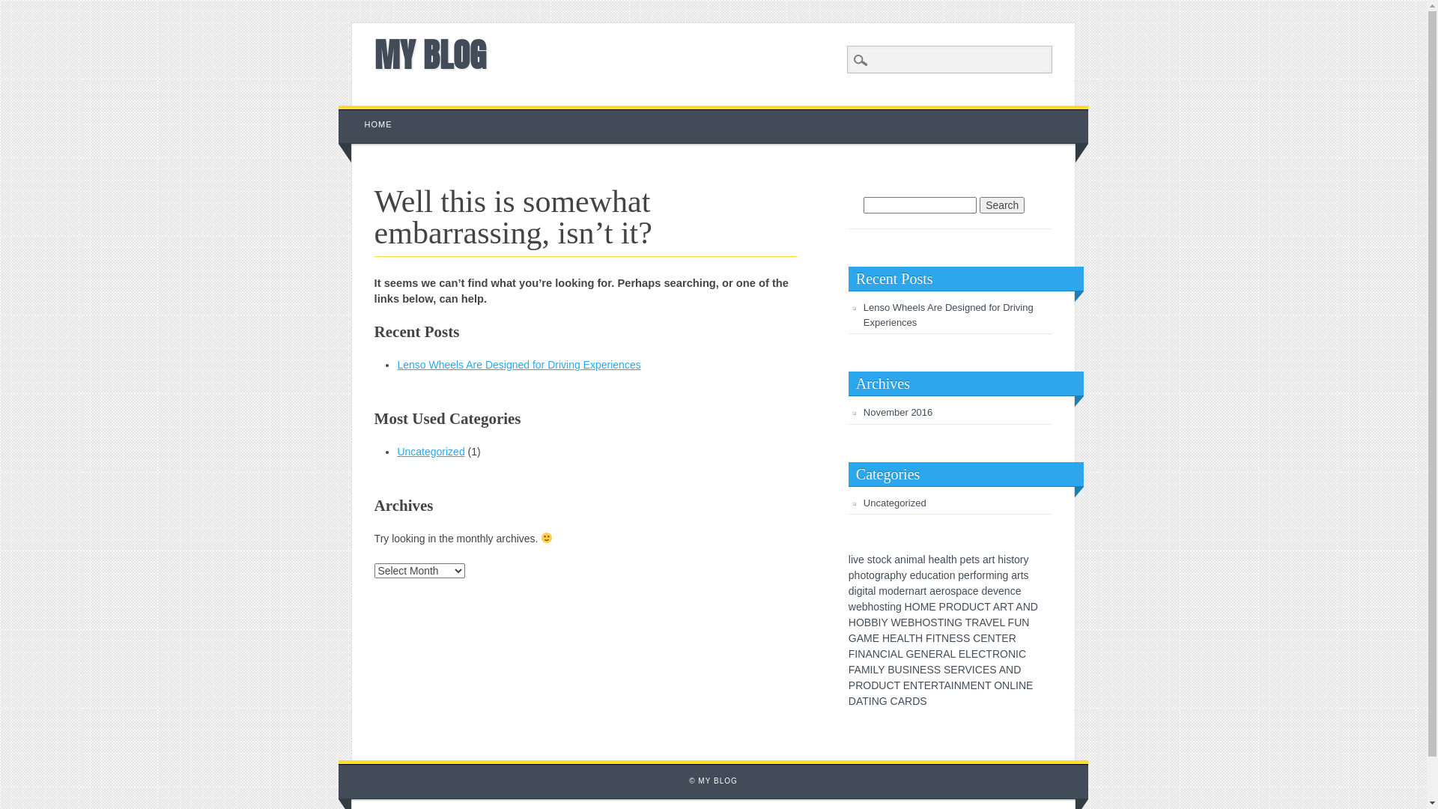 Image resolution: width=1438 pixels, height=809 pixels. I want to click on 'S', so click(929, 669).